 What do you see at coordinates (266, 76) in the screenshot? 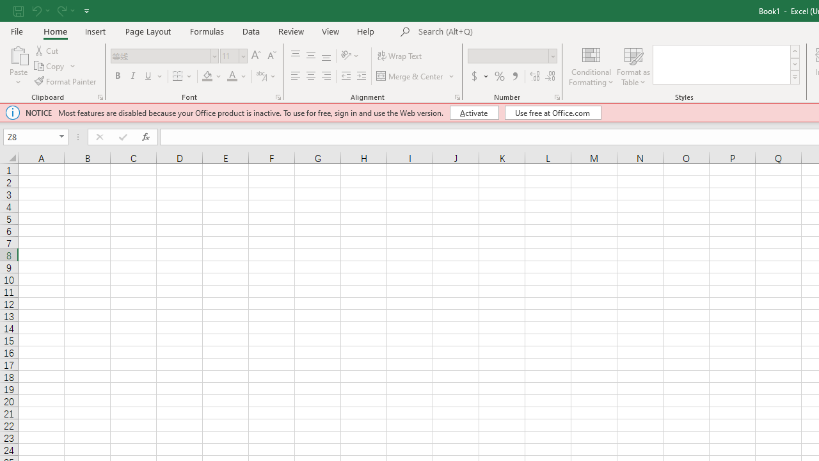
I see `'Show Phonetic Field'` at bounding box center [266, 76].